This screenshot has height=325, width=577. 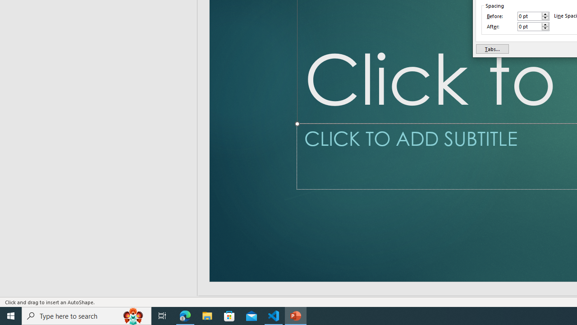 I want to click on 'Less', so click(x=545, y=28).